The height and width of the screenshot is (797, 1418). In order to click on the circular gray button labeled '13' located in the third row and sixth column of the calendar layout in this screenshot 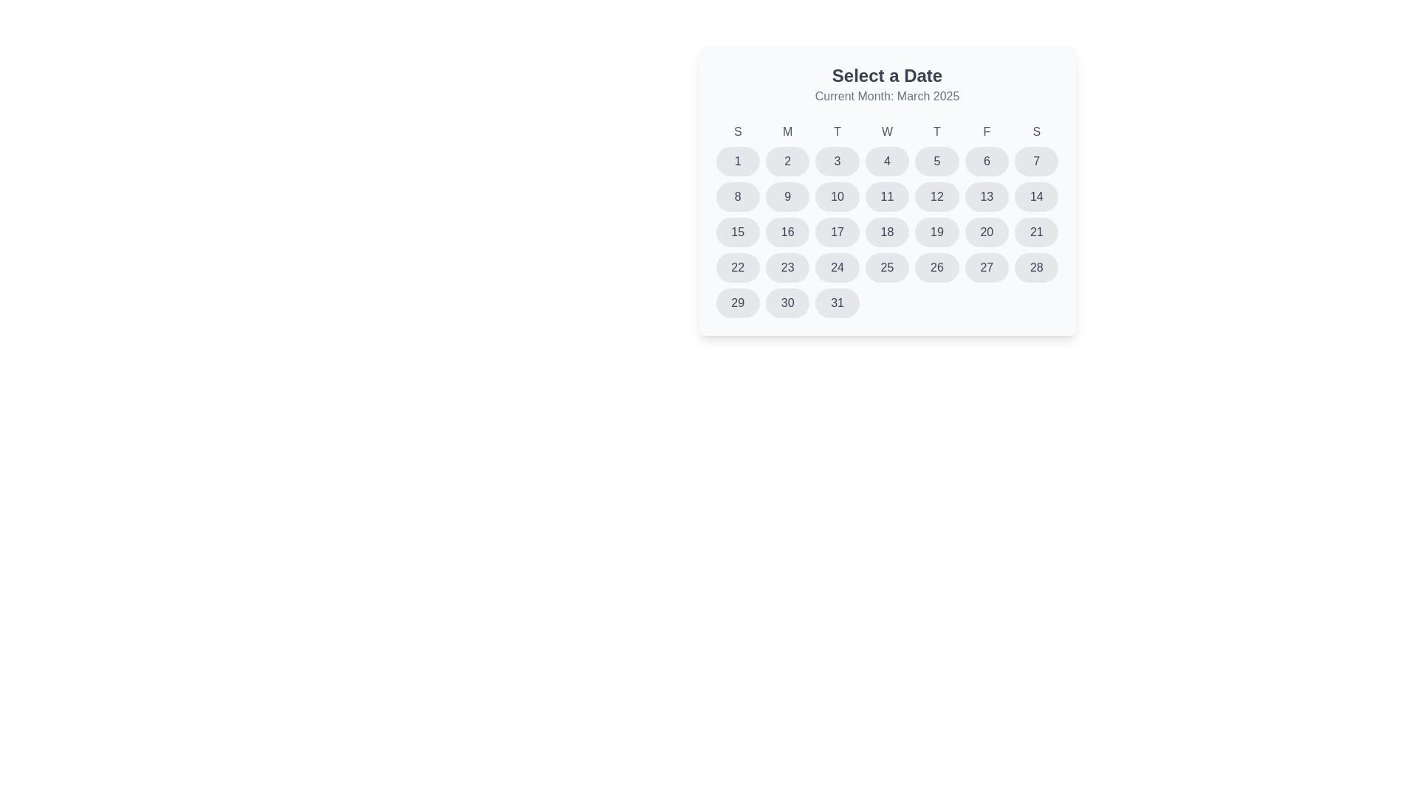, I will do `click(986, 196)`.